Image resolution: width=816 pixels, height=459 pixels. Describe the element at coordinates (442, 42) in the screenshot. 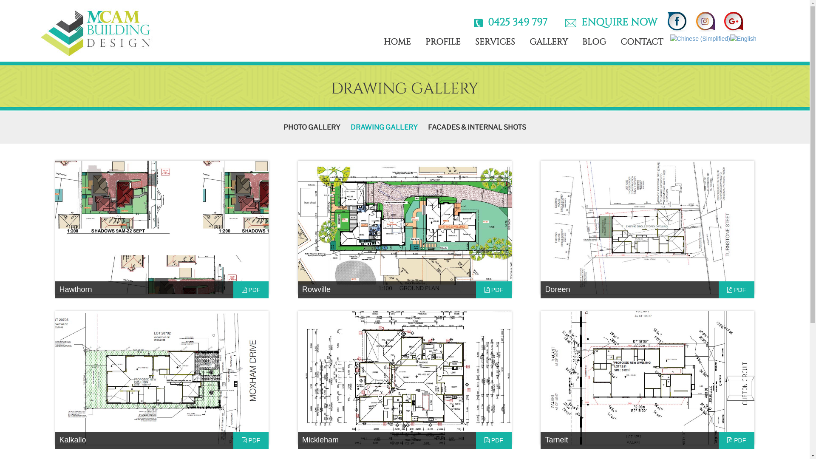

I see `'PROFILE'` at that location.